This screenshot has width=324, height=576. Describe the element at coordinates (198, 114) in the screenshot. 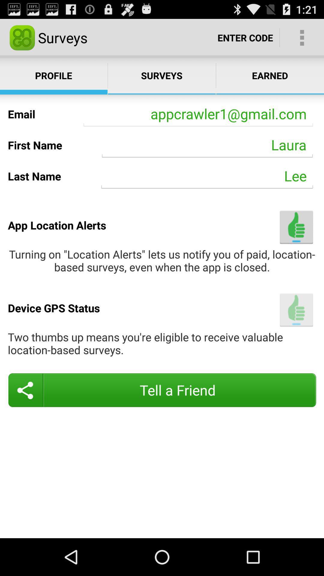

I see `the icon to the right of email item` at that location.